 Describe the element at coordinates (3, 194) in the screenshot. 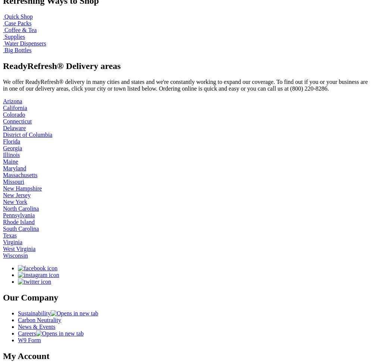

I see `'New Jersey'` at that location.